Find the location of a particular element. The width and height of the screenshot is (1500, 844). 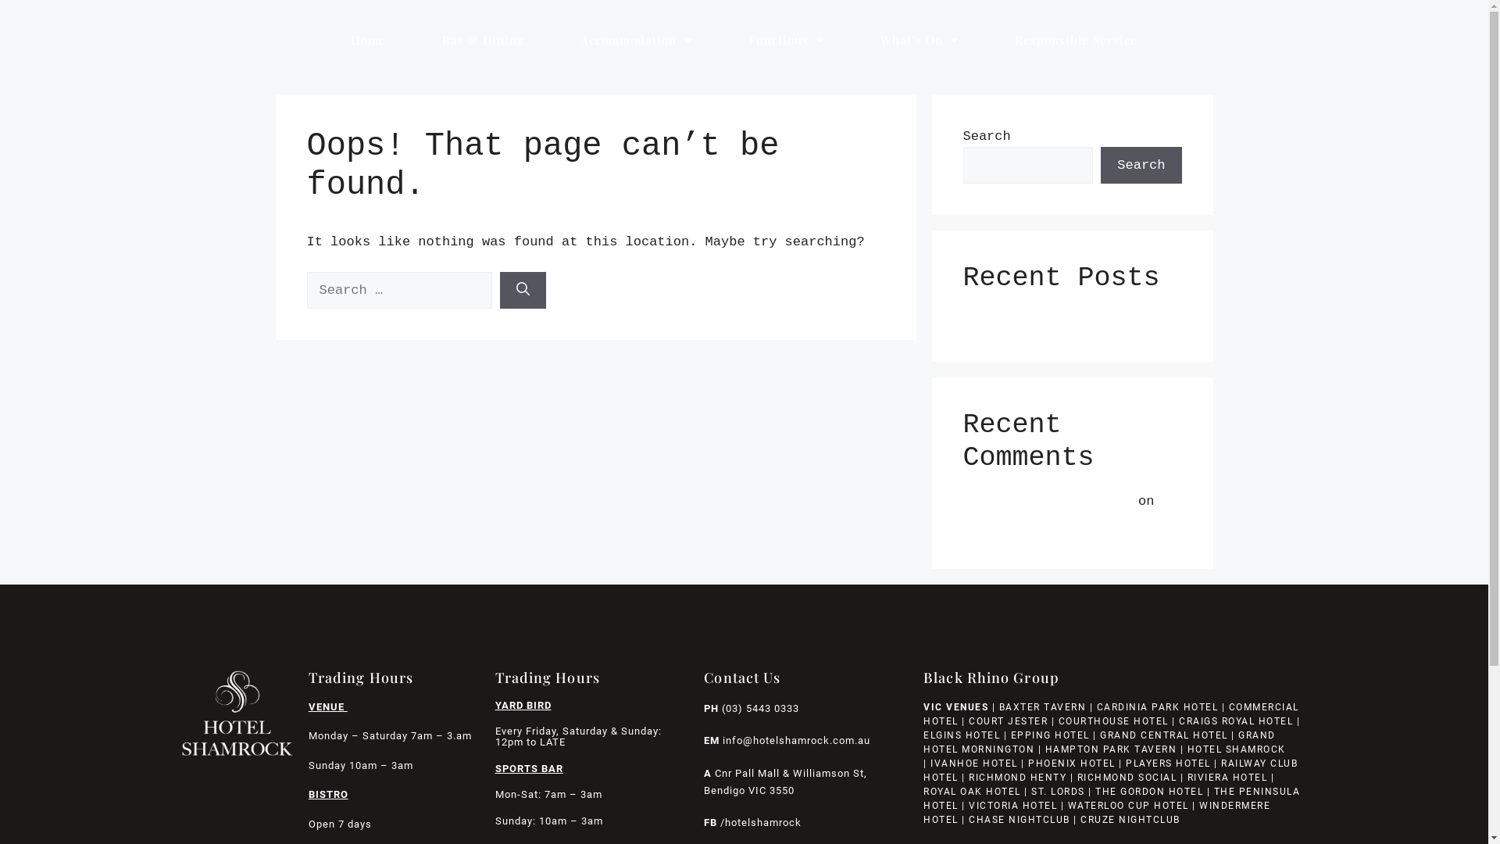

'Functions' is located at coordinates (786, 38).